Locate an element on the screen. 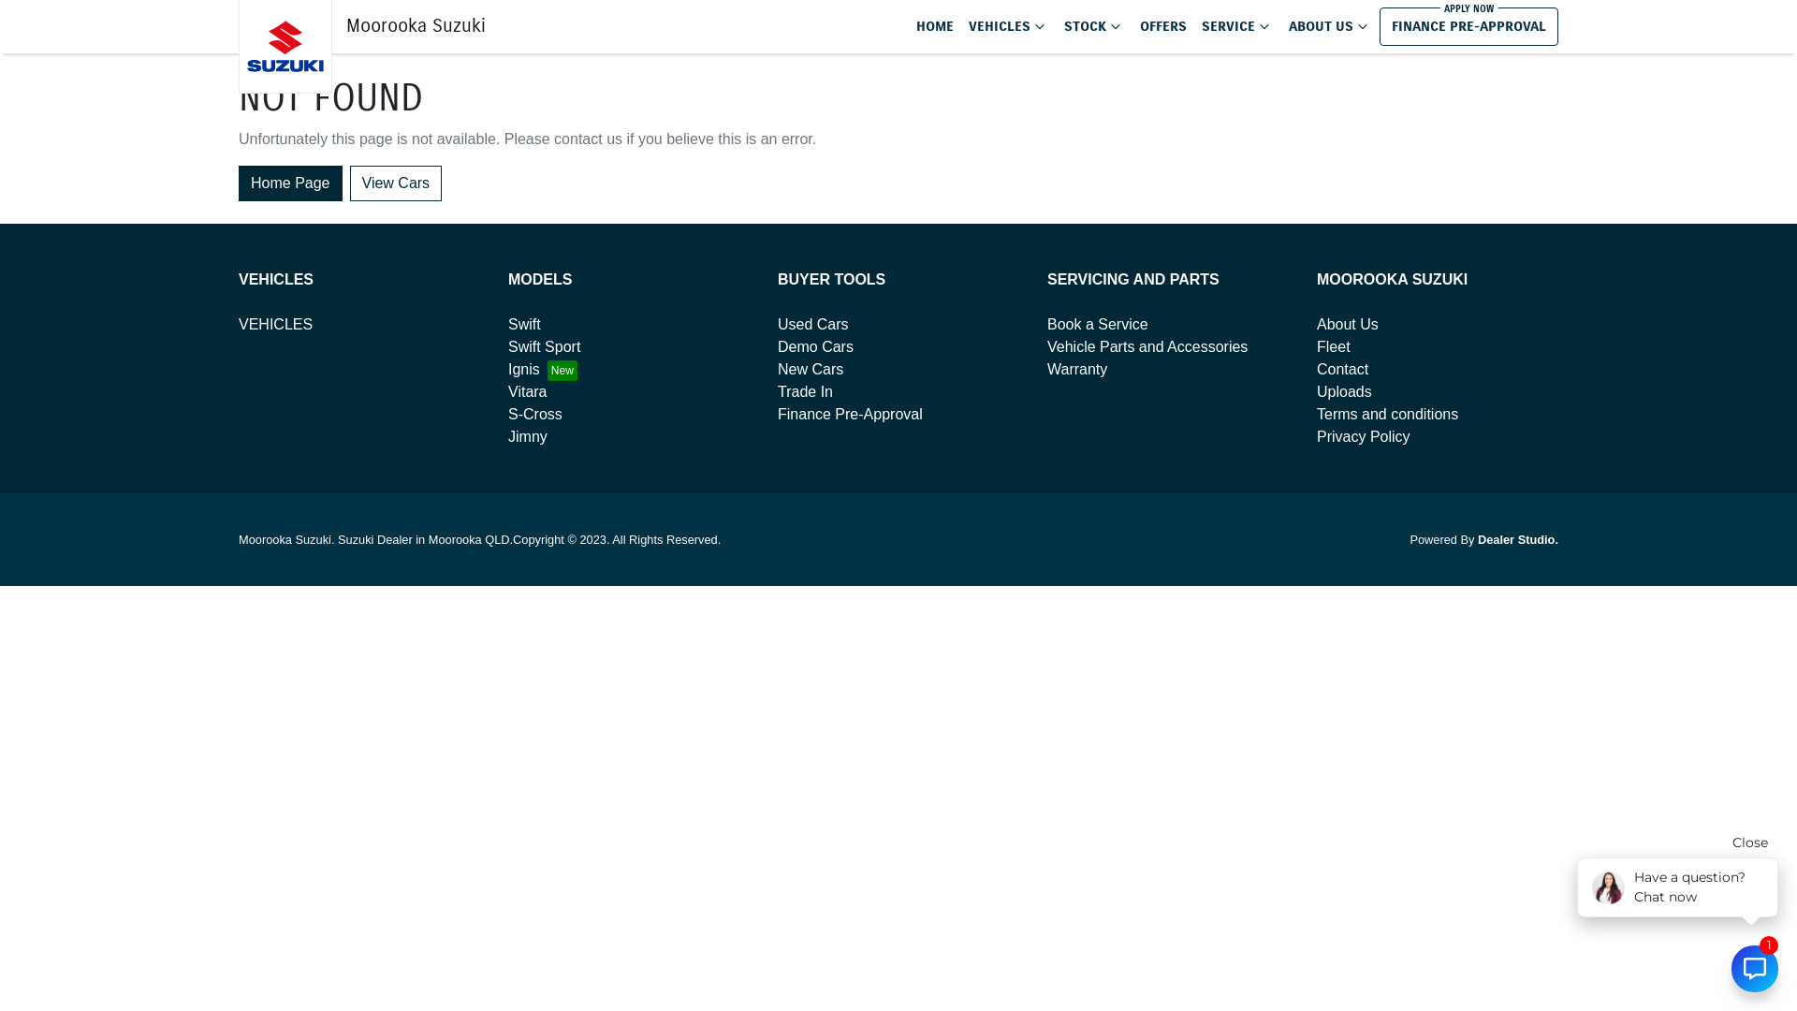 This screenshot has height=1011, width=1797. 'Jimny' is located at coordinates (527, 436).